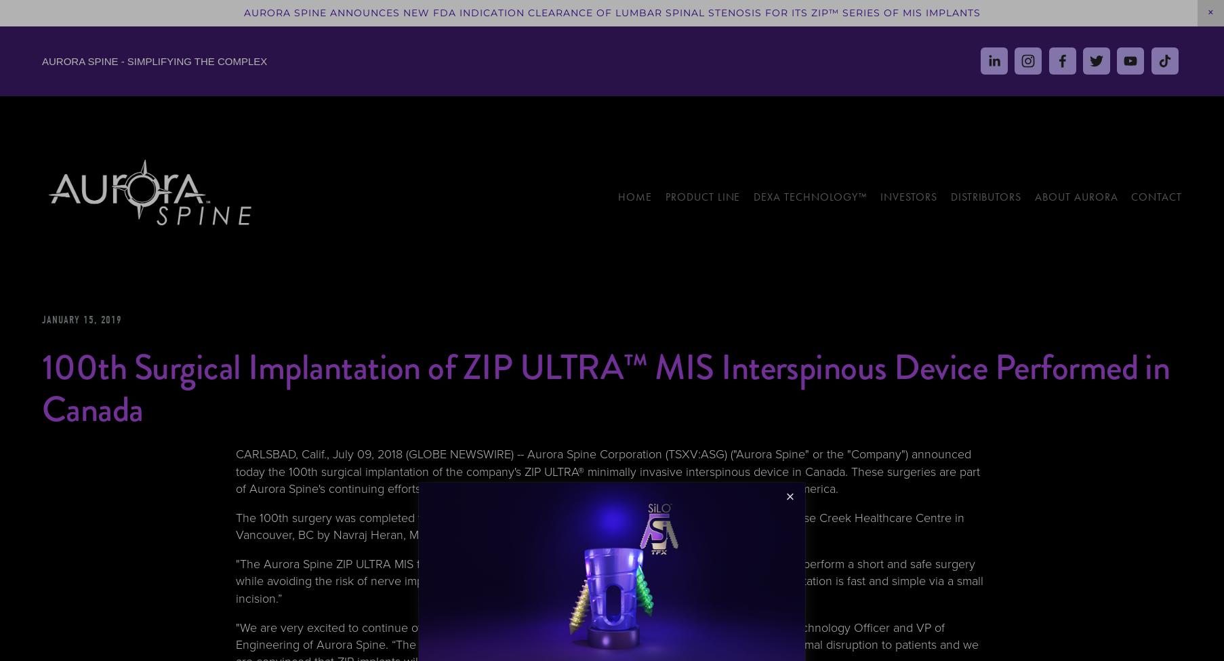  Describe the element at coordinates (41, 386) in the screenshot. I see `'100th Surgical Implantation of ZIP ULTRA™ MIS Interspinous Device Performed in Canada'` at that location.